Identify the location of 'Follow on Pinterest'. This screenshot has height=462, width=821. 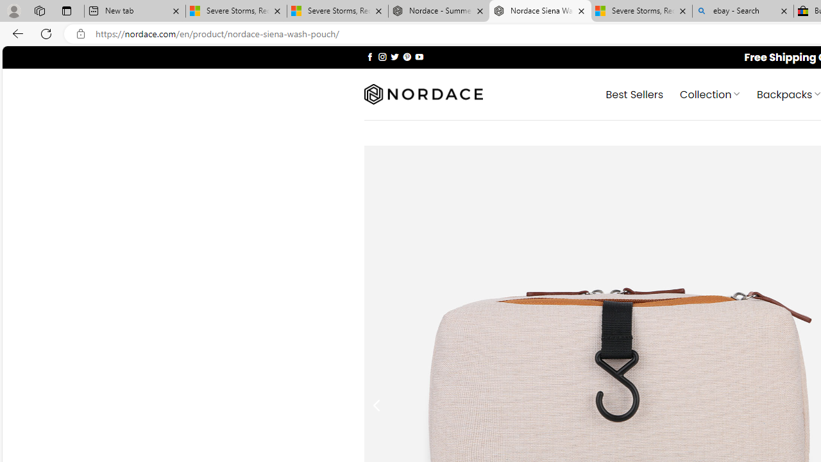
(406, 56).